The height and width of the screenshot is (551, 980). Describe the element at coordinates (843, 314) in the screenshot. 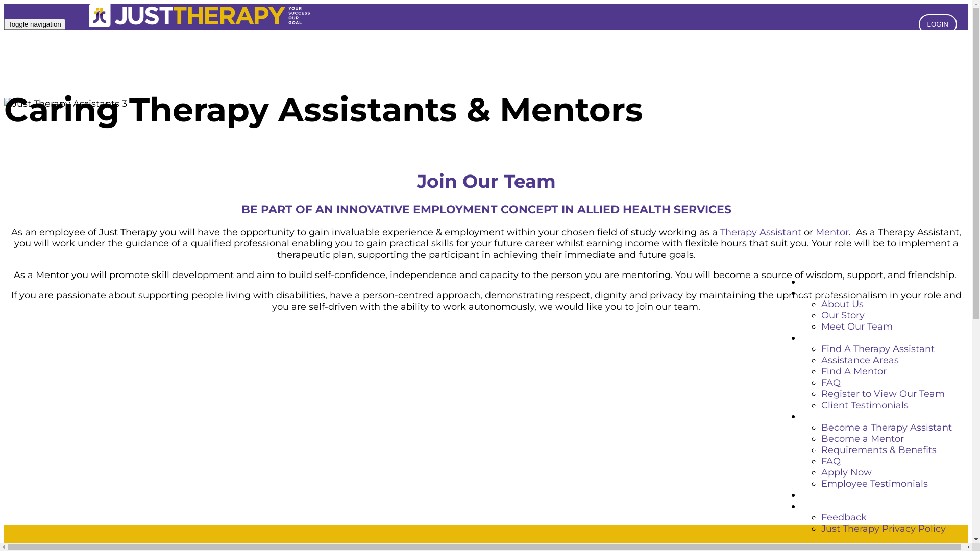

I see `'Our Story'` at that location.